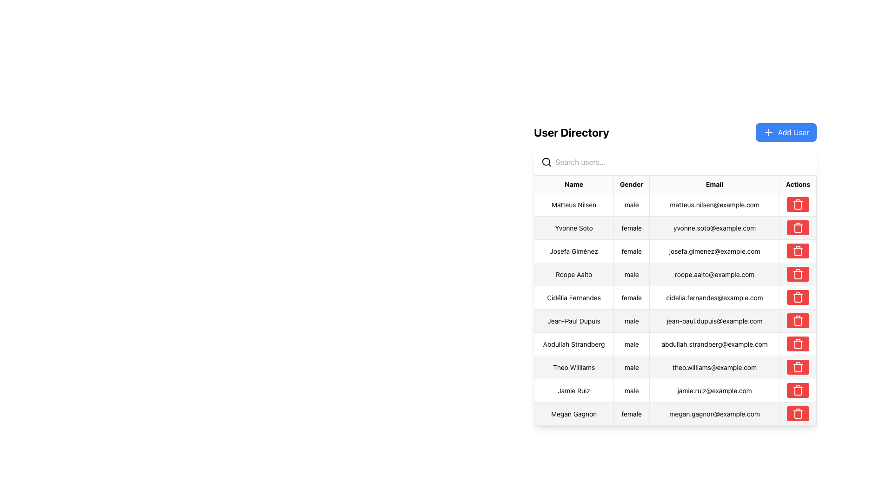 This screenshot has height=502, width=893. What do you see at coordinates (714, 320) in the screenshot?
I see `email address displayed in the text label next to 'Jean-Paul Dupuis' in the user information row on the right side of the interface` at bounding box center [714, 320].